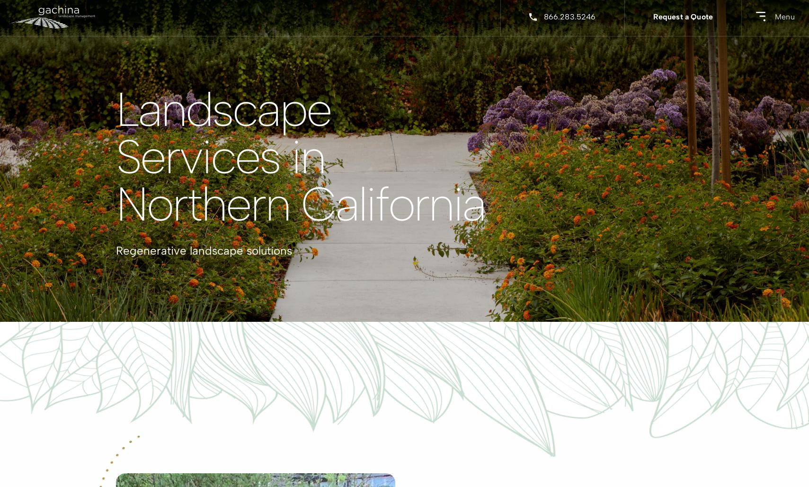 The width and height of the screenshot is (809, 487). Describe the element at coordinates (376, 219) in the screenshot. I see `'Corporate'` at that location.